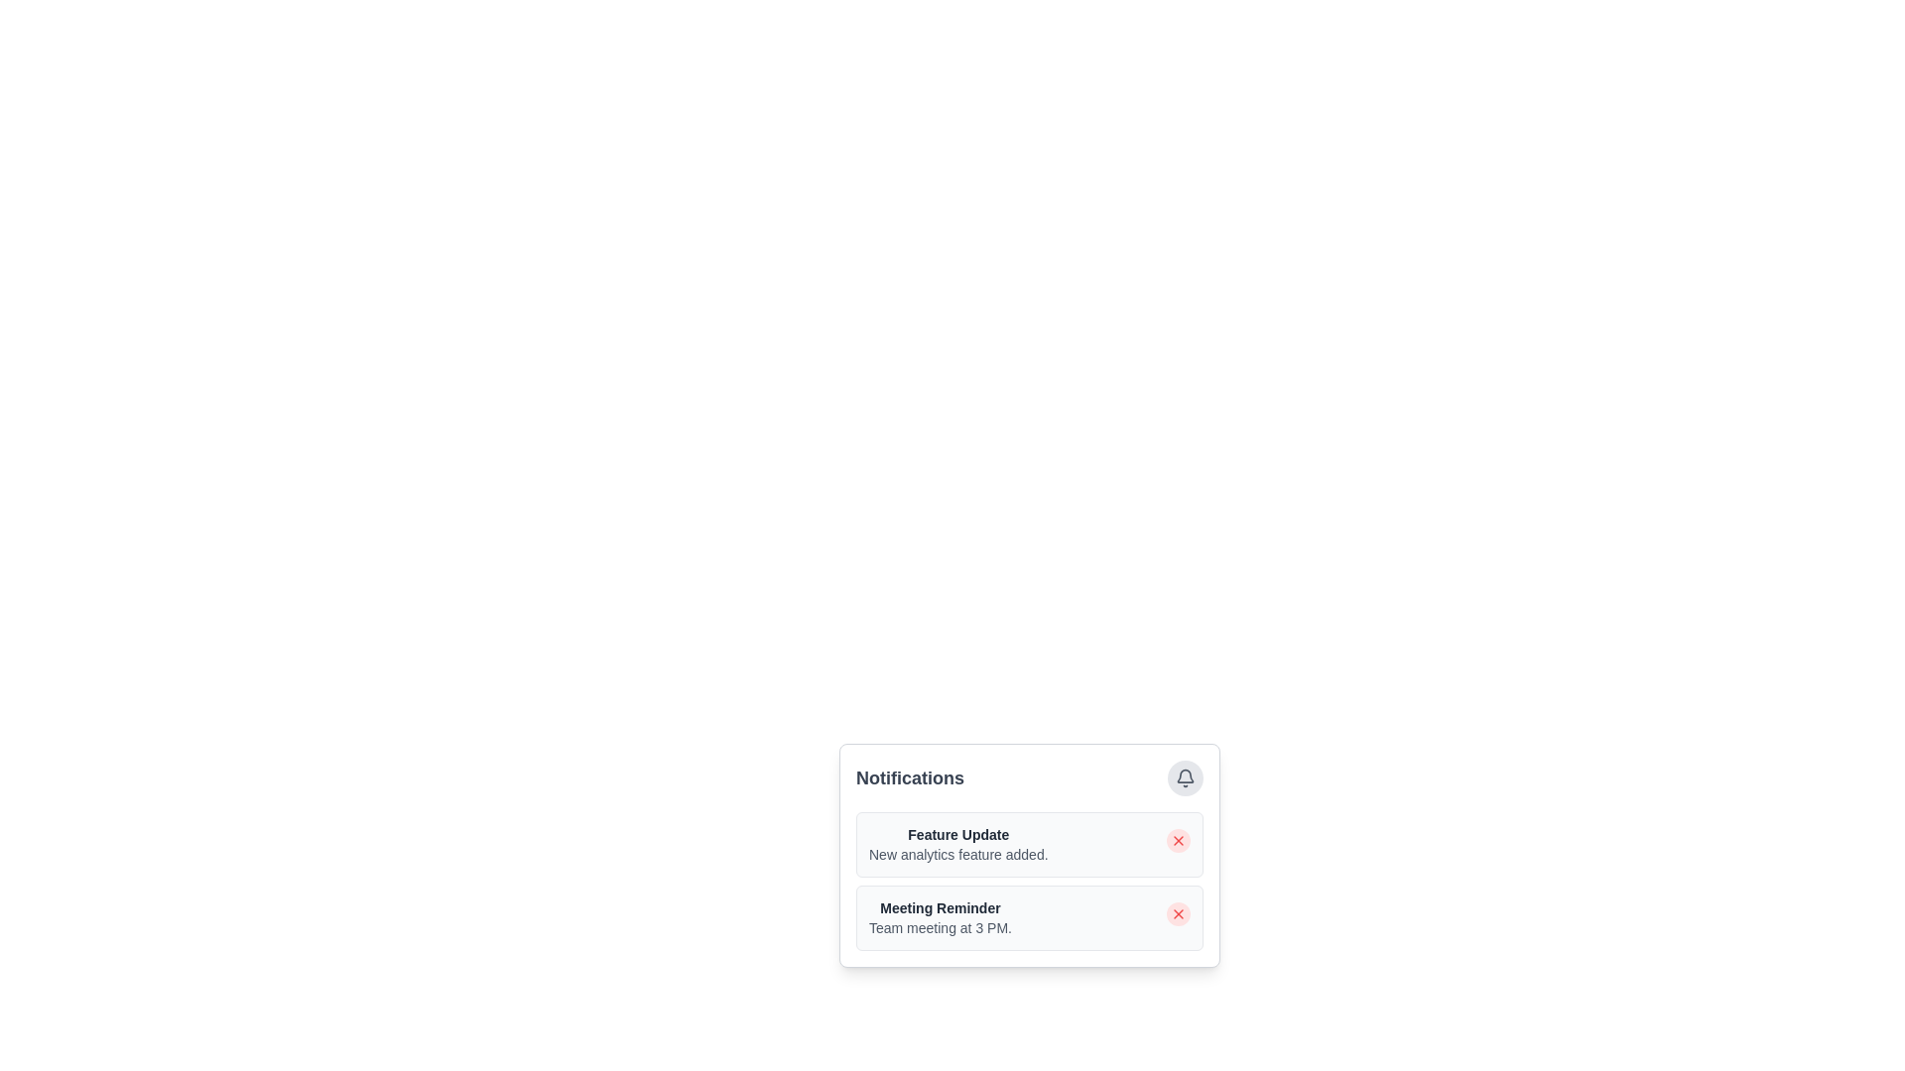  Describe the element at coordinates (1186, 777) in the screenshot. I see `the clickable circular button with an icon located in the top-right corner of the 'Notifications' card` at that location.